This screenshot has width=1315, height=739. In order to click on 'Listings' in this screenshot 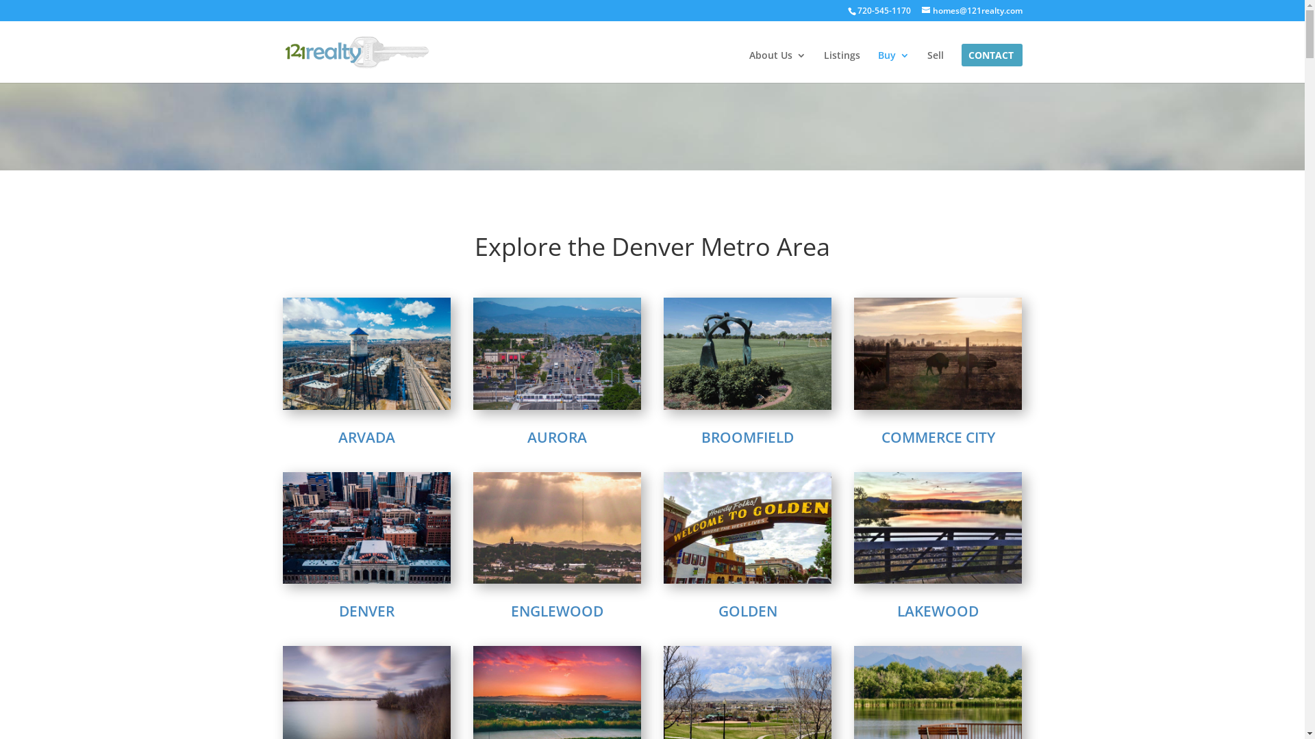, I will do `click(822, 66)`.